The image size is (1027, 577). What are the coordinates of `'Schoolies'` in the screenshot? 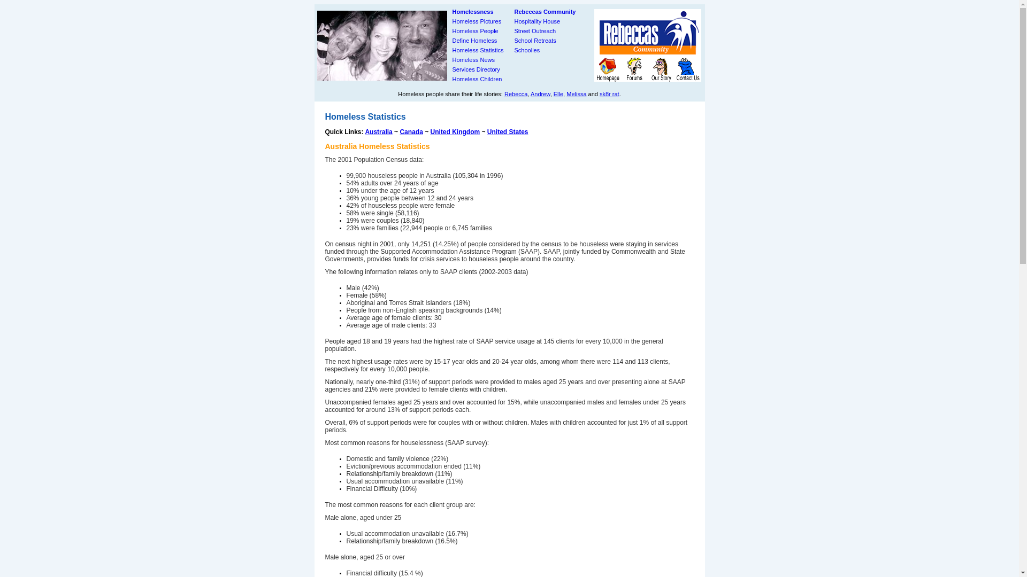 It's located at (527, 50).